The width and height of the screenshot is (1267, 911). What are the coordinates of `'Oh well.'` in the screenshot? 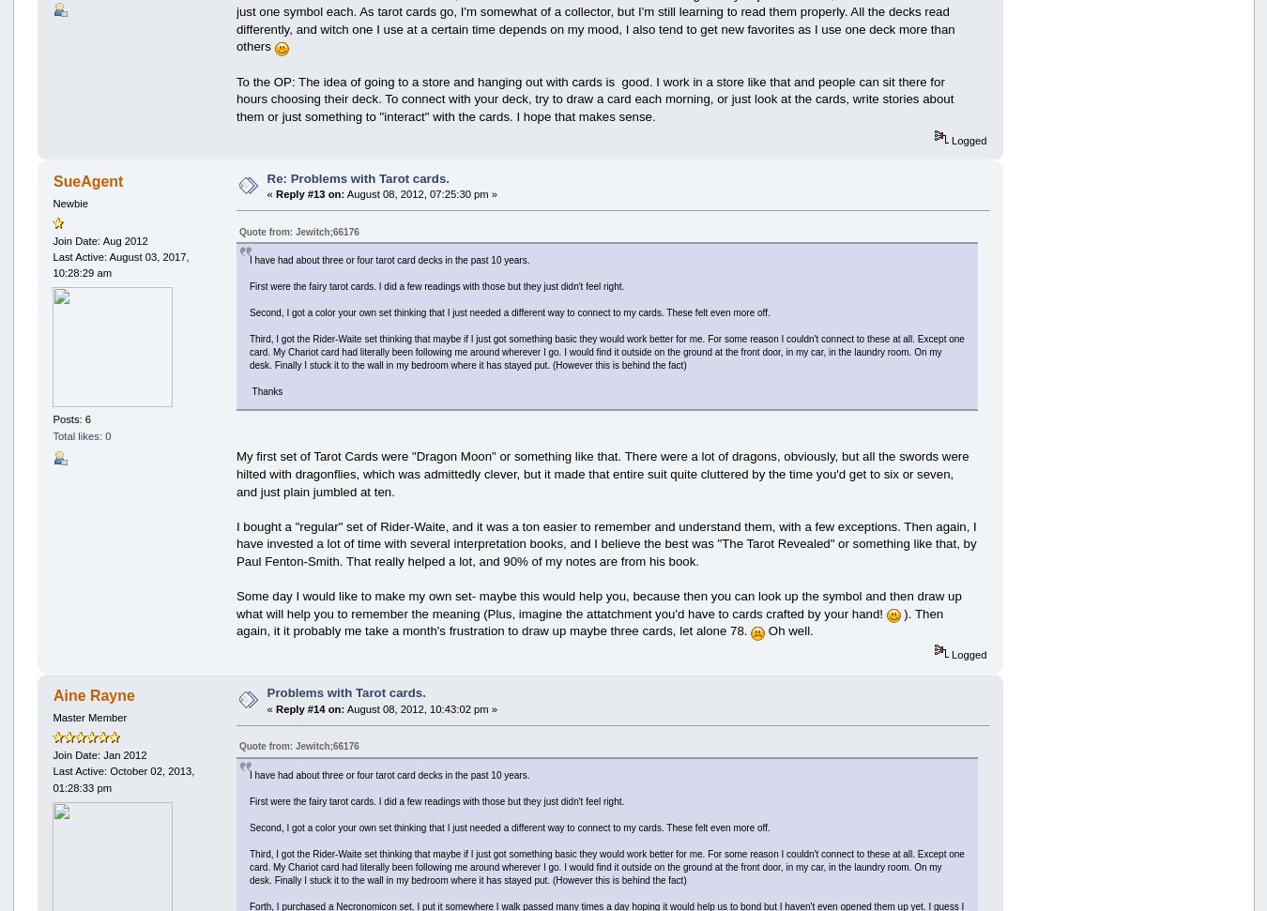 It's located at (764, 630).